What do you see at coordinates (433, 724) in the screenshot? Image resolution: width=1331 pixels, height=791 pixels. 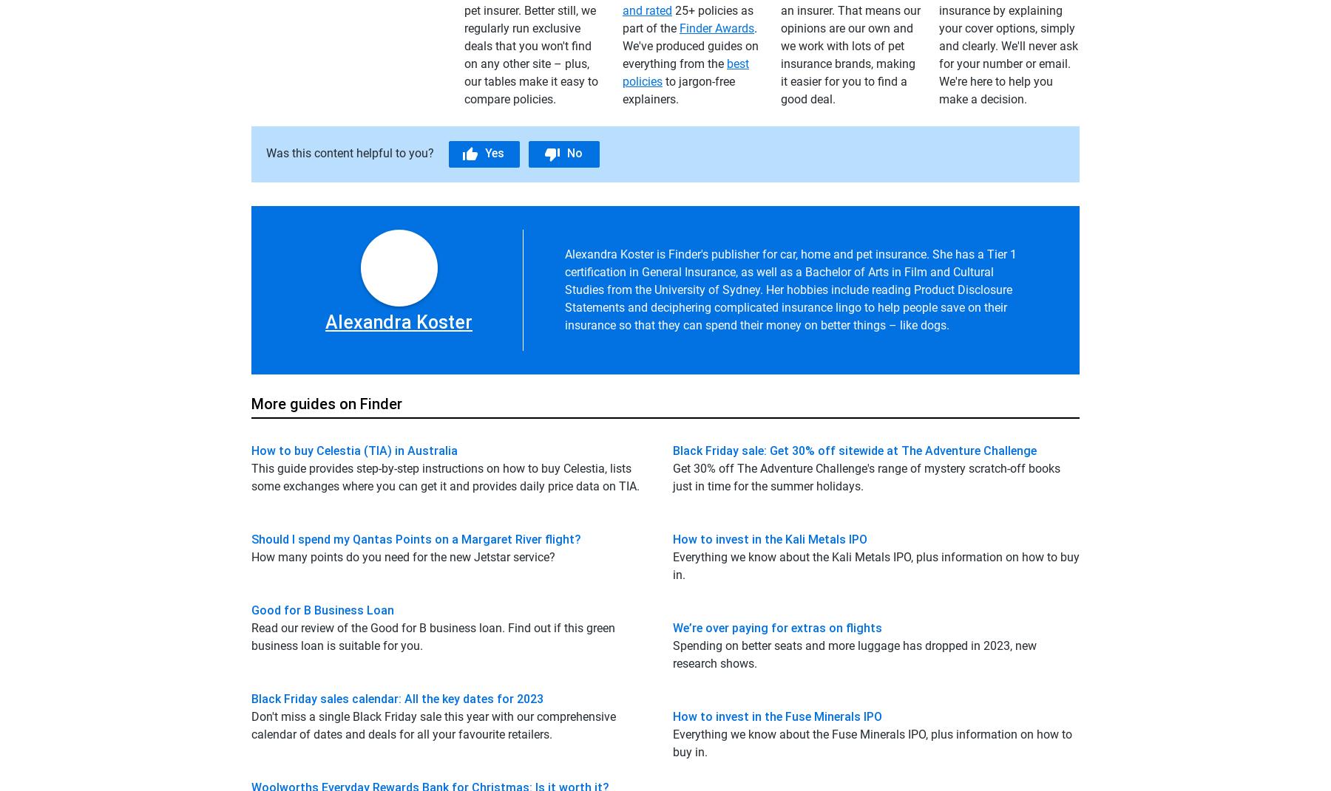 I see `'Don't miss a single Black Friday sale this year with our comprehensive calendar of dates and deals for all your favourite retailers.'` at bounding box center [433, 724].